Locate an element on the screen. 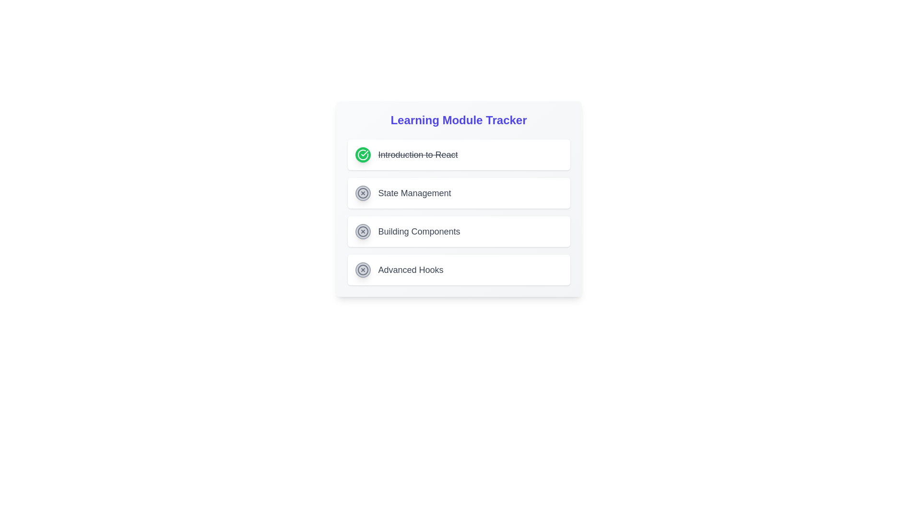 The image size is (921, 518). the text label displaying 'Introduction to React' which indicates completion with a line-through effect and is associated with a green circular icon is located at coordinates (418, 154).